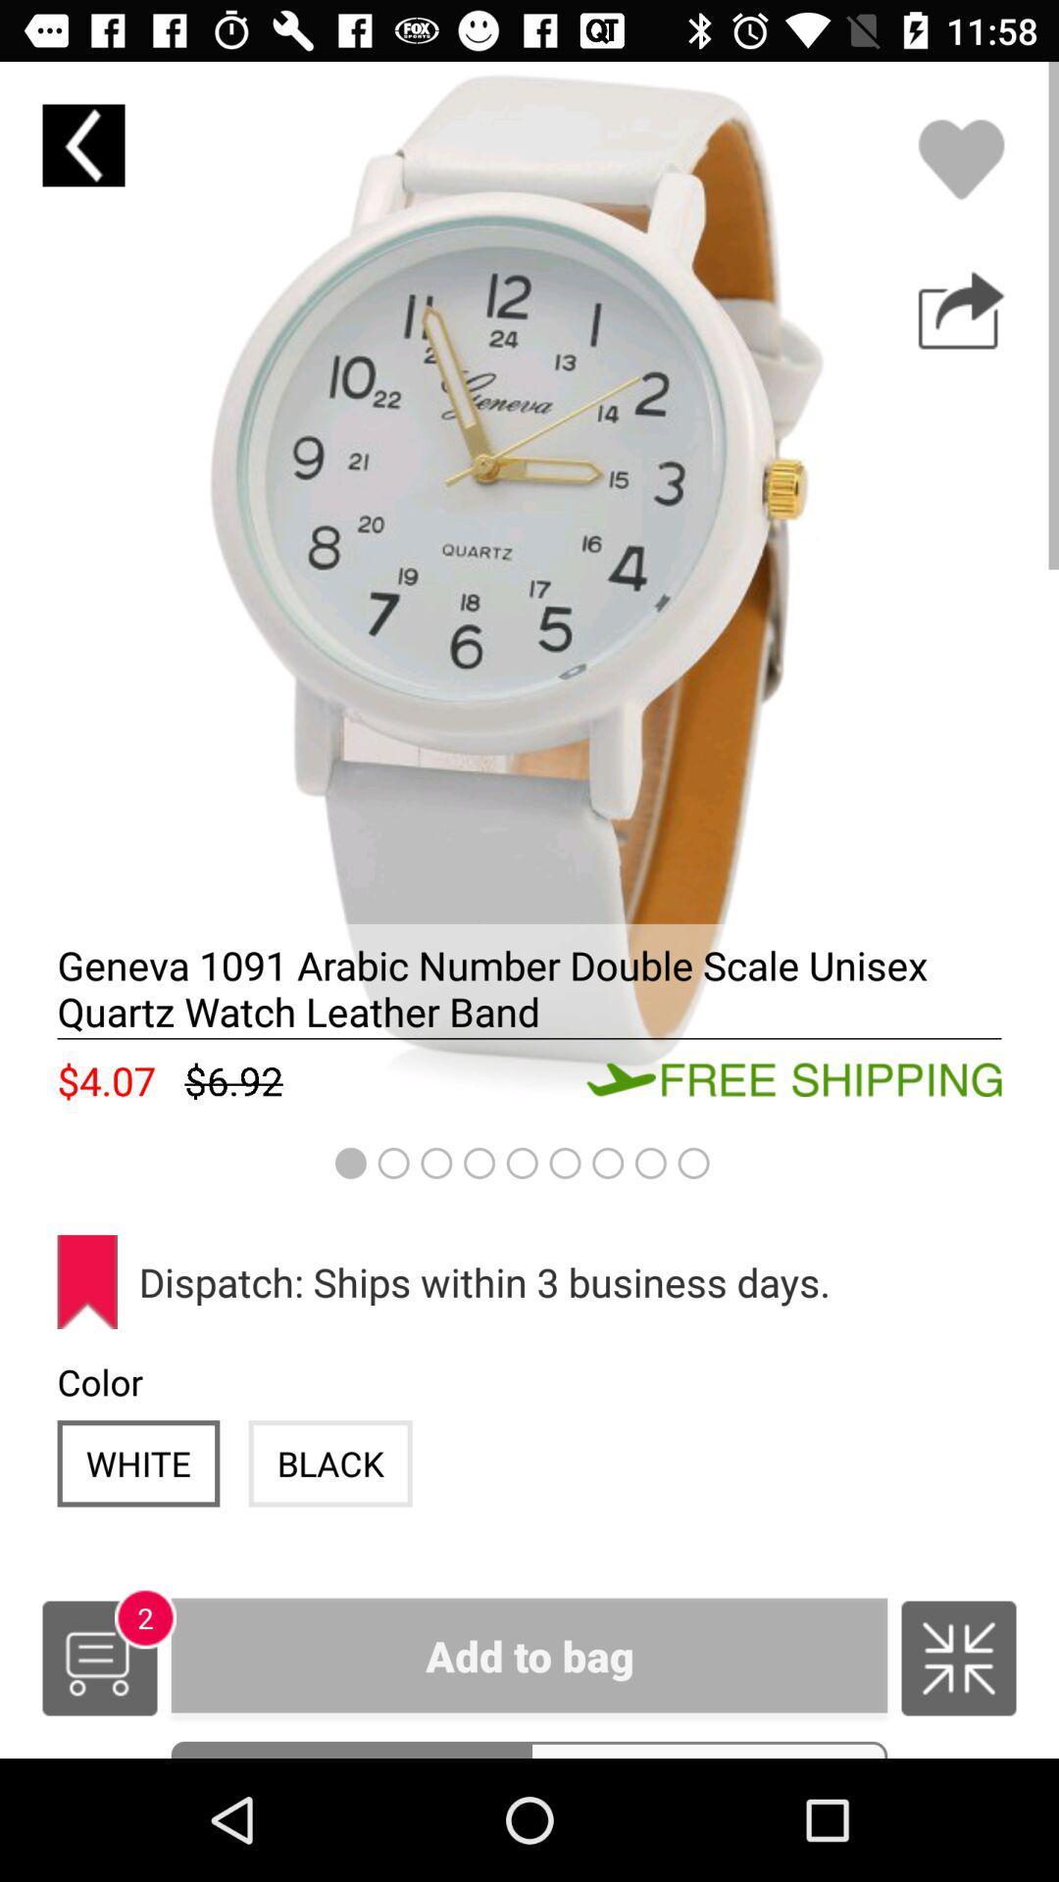  Describe the element at coordinates (99, 1658) in the screenshot. I see `shopping cart` at that location.